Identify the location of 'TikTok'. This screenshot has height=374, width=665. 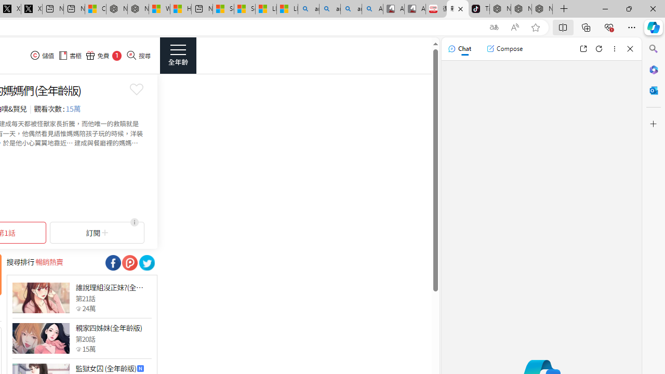
(478, 9).